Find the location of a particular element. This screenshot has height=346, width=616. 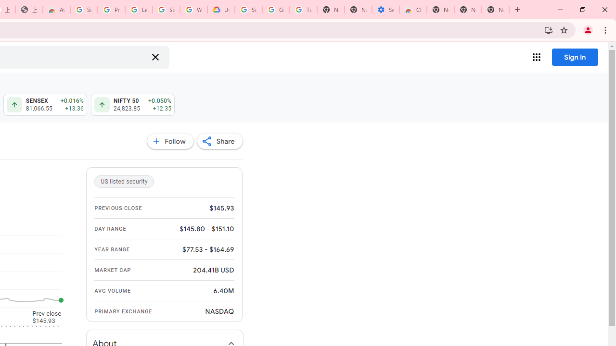

'Turn cookies on or off - Computer - Google Account Help' is located at coordinates (303, 10).